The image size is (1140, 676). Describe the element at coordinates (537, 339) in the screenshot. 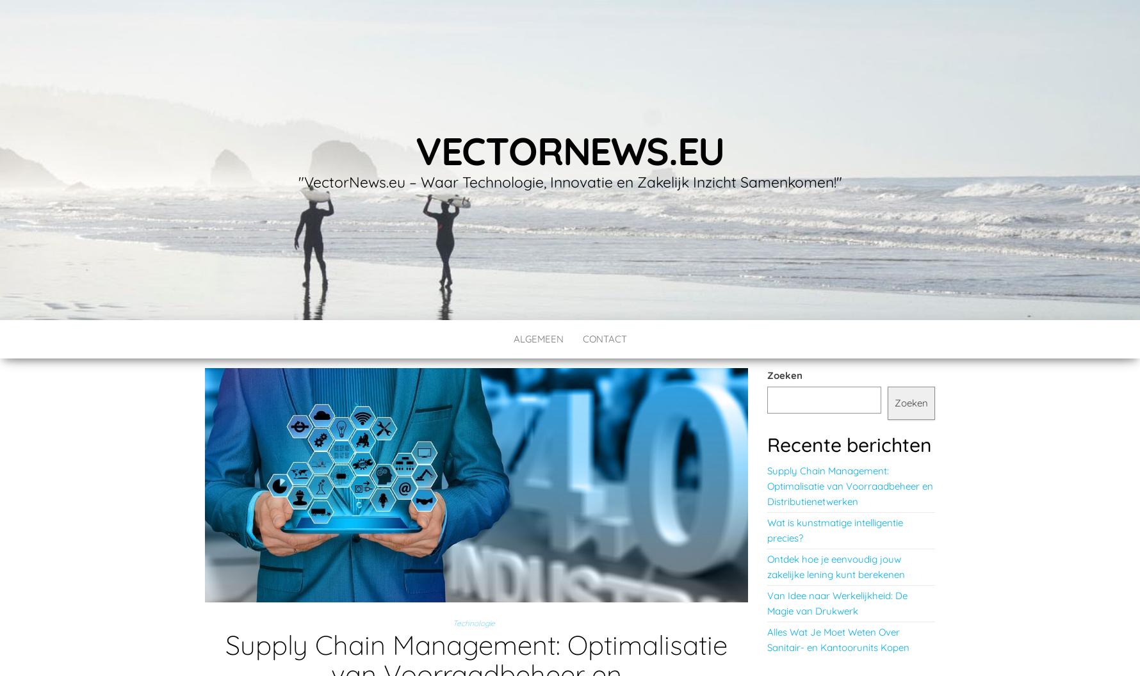

I see `'Algemeen'` at that location.